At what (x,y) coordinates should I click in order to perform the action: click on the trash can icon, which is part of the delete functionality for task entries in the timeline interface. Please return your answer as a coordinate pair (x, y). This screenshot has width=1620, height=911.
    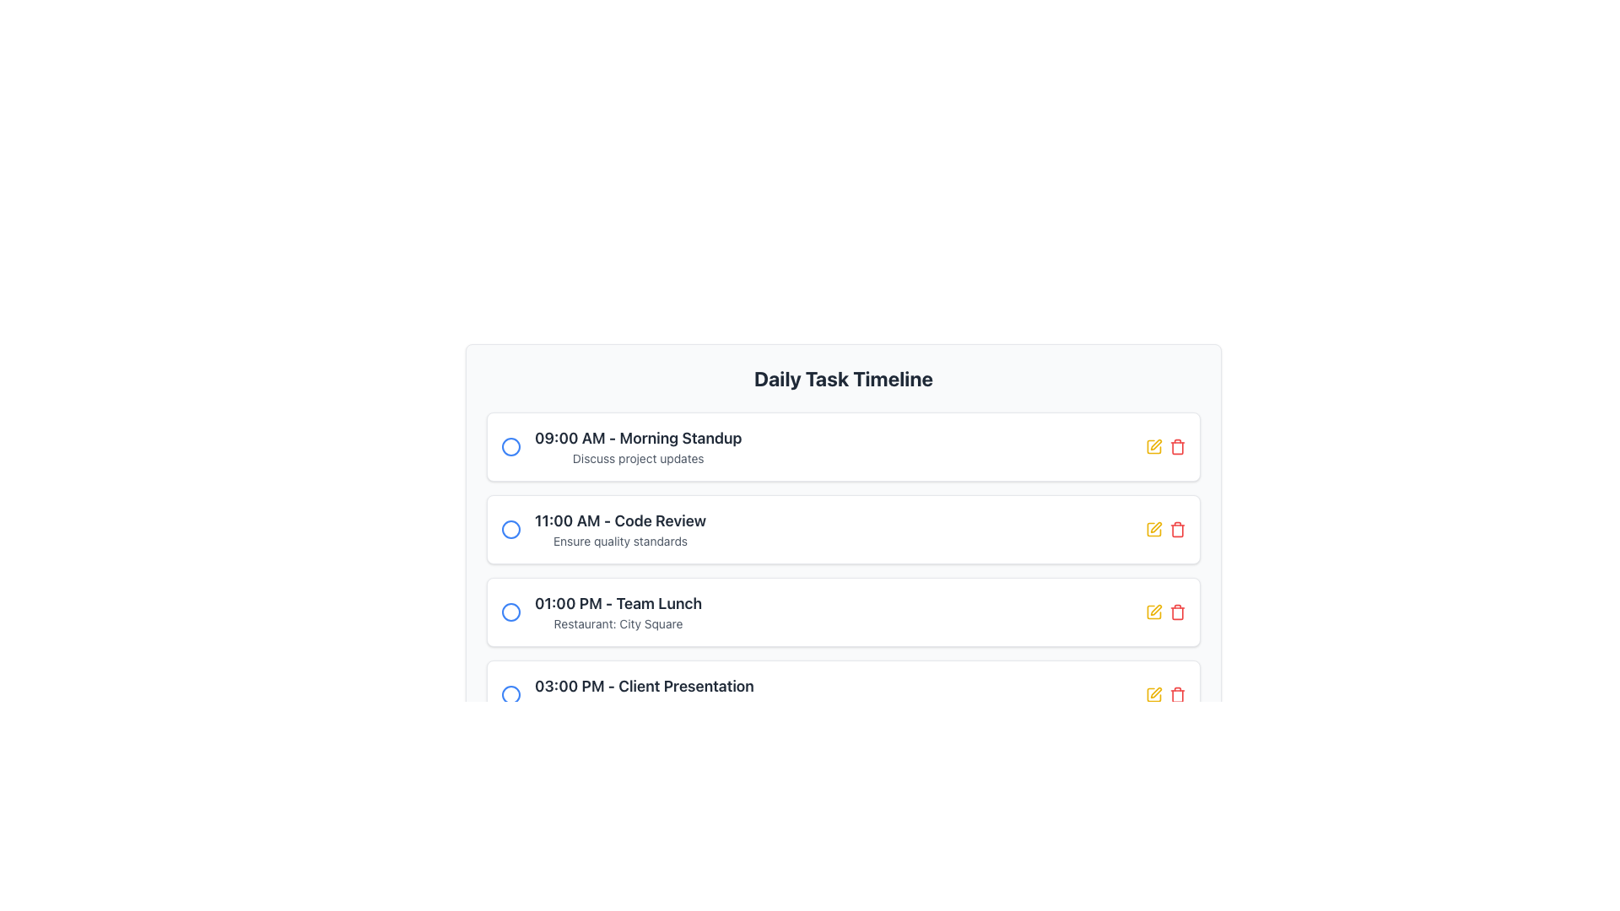
    Looking at the image, I should click on (1177, 447).